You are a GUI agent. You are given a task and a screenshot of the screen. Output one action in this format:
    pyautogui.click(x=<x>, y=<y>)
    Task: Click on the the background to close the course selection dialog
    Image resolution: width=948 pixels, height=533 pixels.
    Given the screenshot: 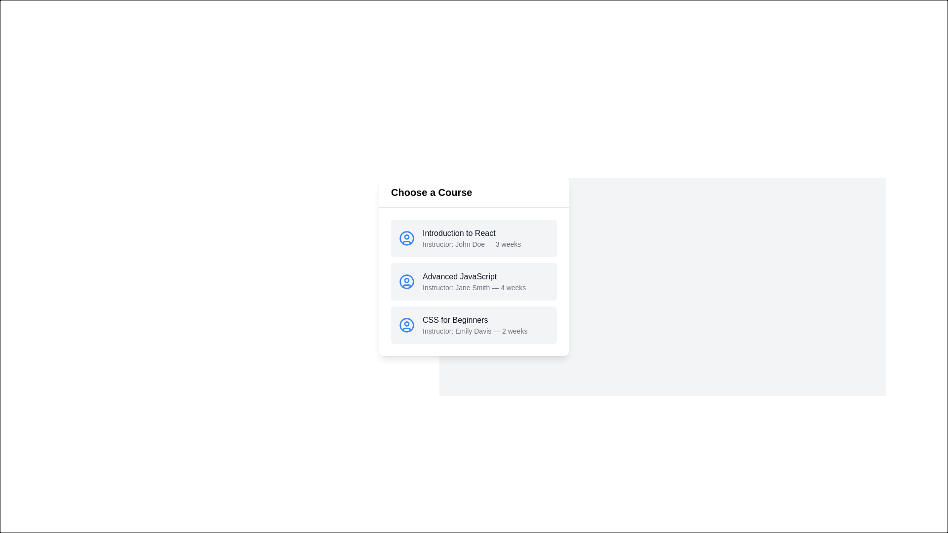 What is the action you would take?
    pyautogui.click(x=379, y=0)
    